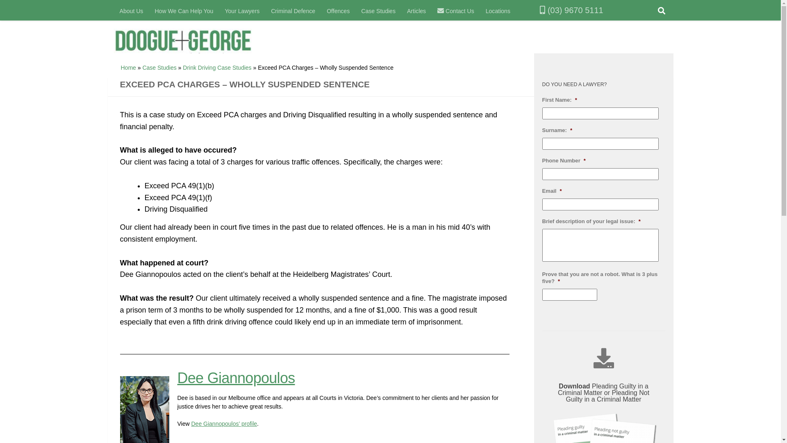 Image resolution: width=787 pixels, height=443 pixels. Describe the element at coordinates (132, 11) in the screenshot. I see `'About Us'` at that location.